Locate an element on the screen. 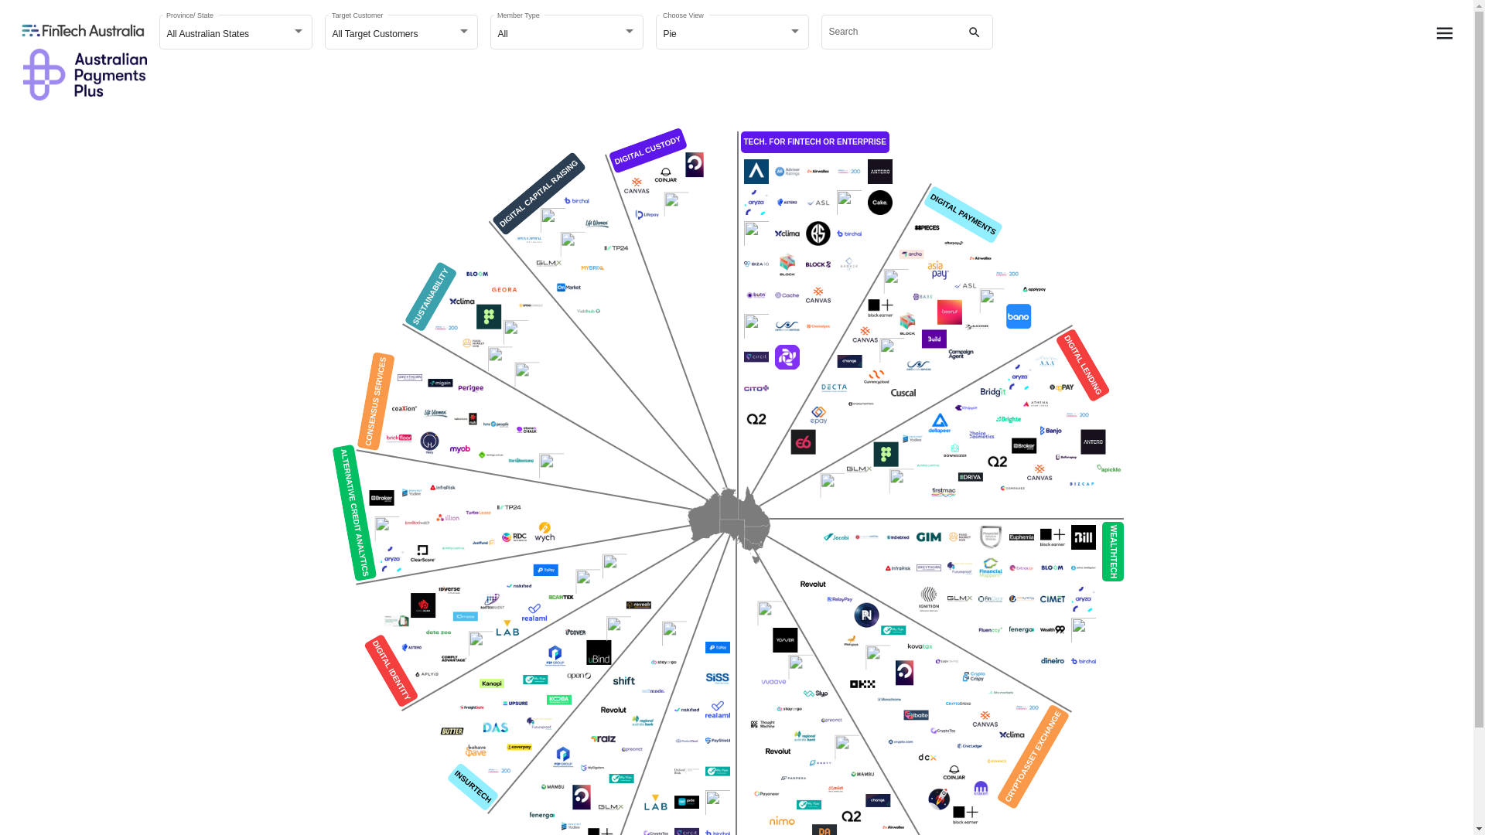 The height and width of the screenshot is (835, 1485). 'Australian Settlements Limited (ASL)' is located at coordinates (817, 202).